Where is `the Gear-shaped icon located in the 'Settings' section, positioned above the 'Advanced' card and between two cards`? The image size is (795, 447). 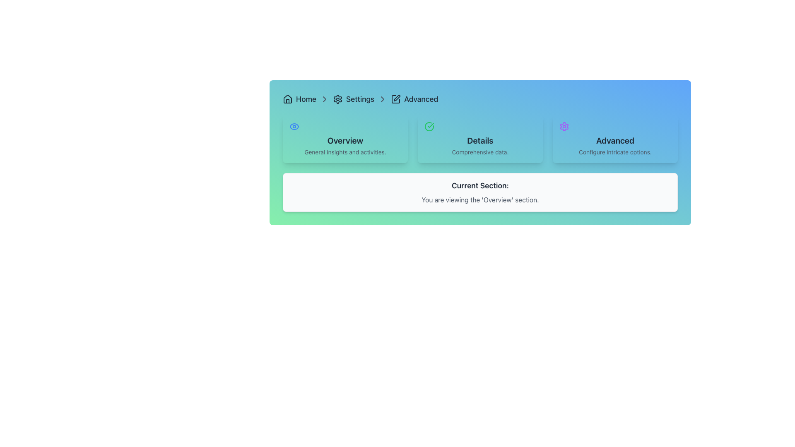
the Gear-shaped icon located in the 'Settings' section, positioned above the 'Advanced' card and between two cards is located at coordinates (564, 126).